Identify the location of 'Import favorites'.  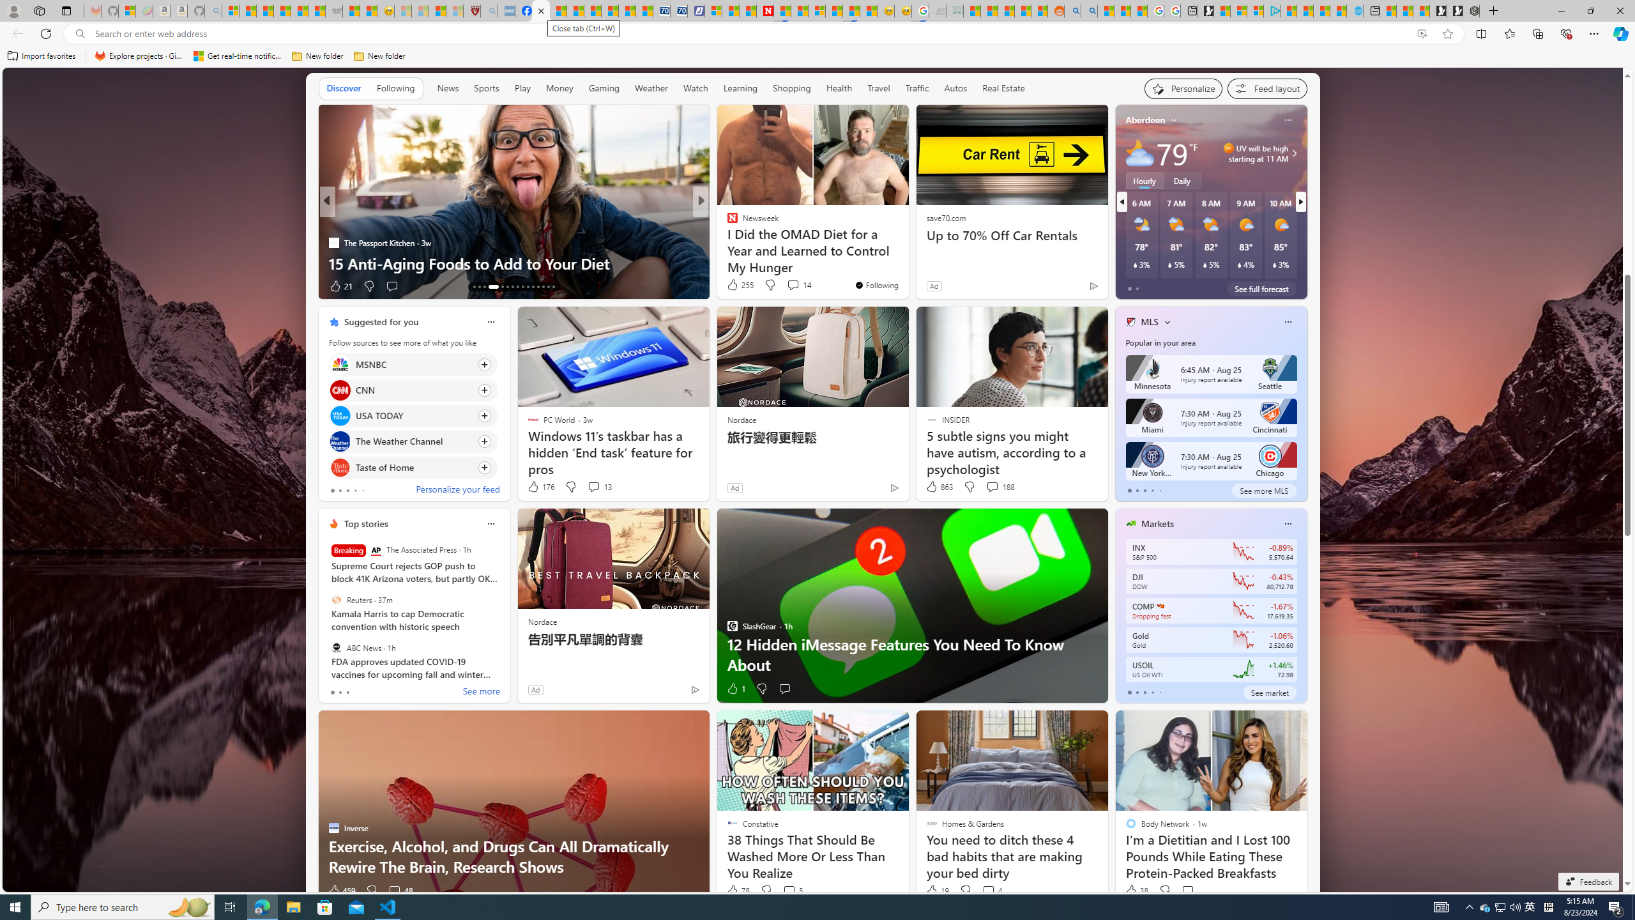
(42, 56).